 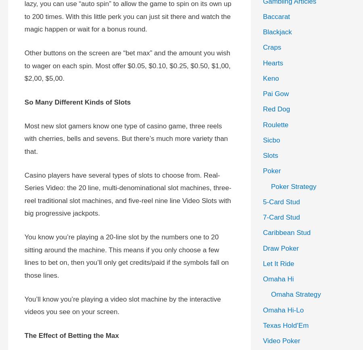 I want to click on 'You know you’re playing a 20-line slot by the numbers one to 20 sitting around the machine. This means if you only choose a few lines to bet on, then you’ll only get credits/paid if the symbols fall on those lines.', so click(x=126, y=256).